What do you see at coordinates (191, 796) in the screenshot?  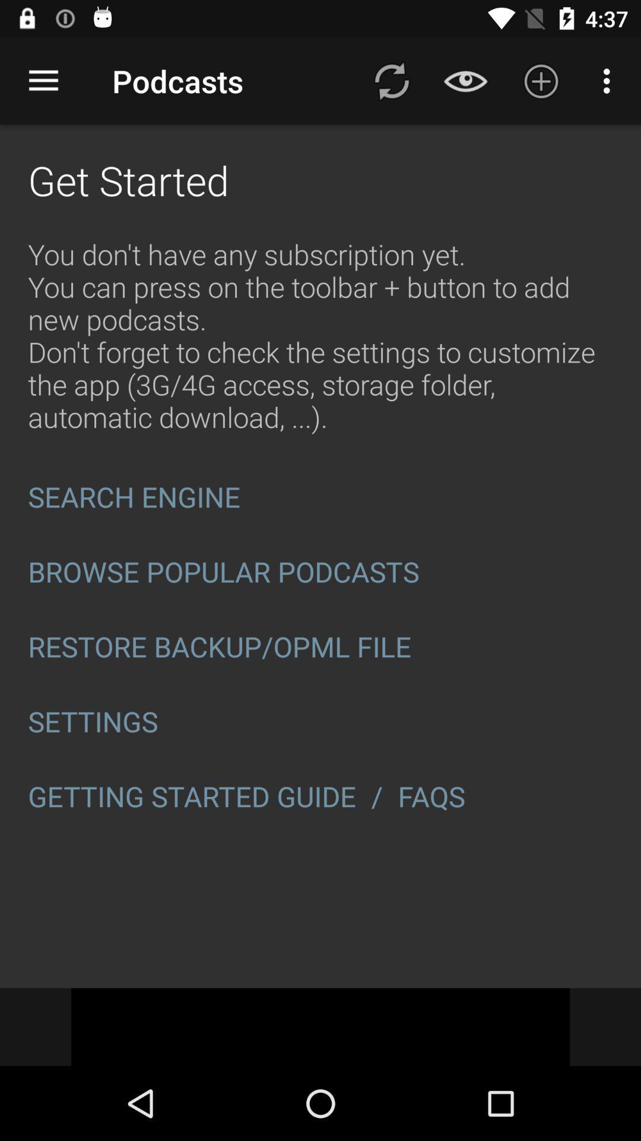 I see `icon to the left of the  /  icon` at bounding box center [191, 796].